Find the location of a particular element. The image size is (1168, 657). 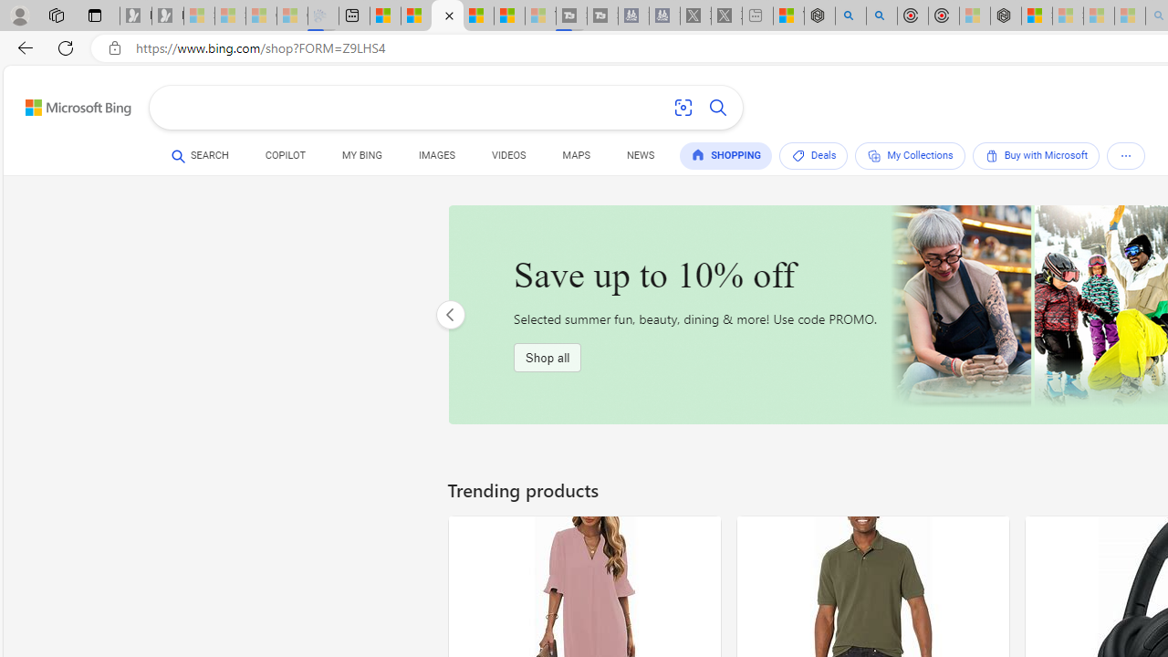

'Close tab' is located at coordinates (449, 16).